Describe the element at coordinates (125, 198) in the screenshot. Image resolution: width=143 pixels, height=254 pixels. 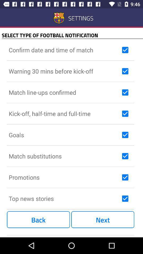
I see `notification for top news stories` at that location.